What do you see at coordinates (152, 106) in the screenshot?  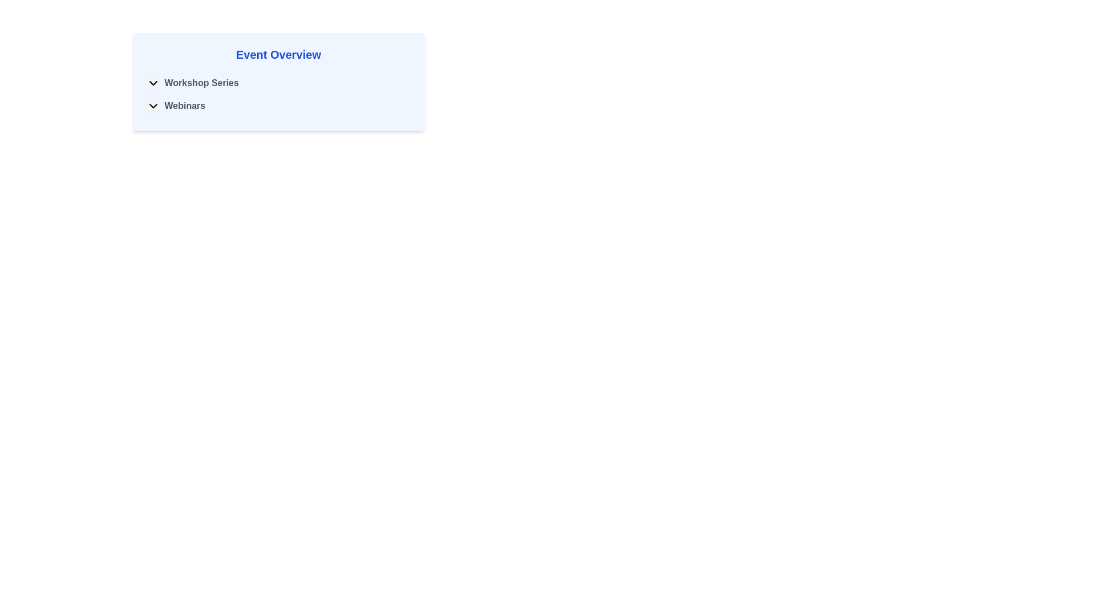 I see `the Icon button located at the top of the 'Event Overview' section` at bounding box center [152, 106].